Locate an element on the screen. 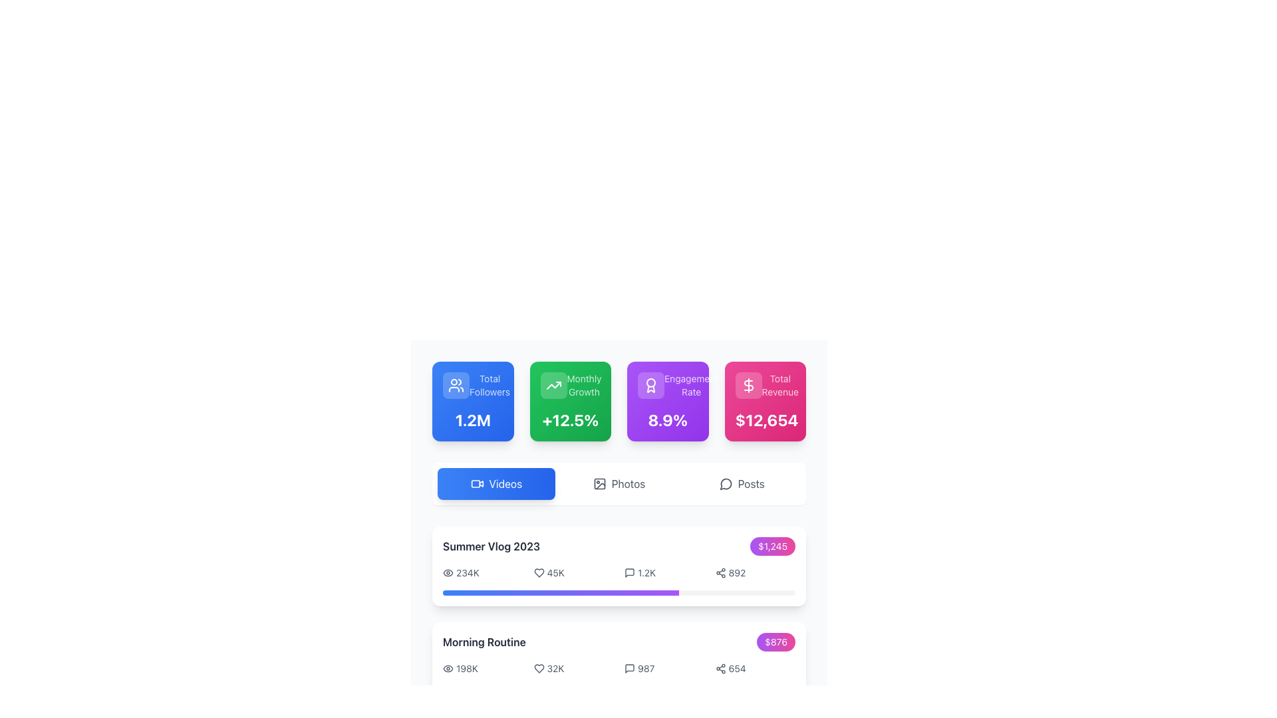 This screenshot has width=1277, height=718. the speech bubble icon, which is styled in grayscale with a thin outline and rounded corners, indicating comments or messages, located between the heart icon and share icon for the video 'Summer Vlog 2023' is located at coordinates (629, 572).